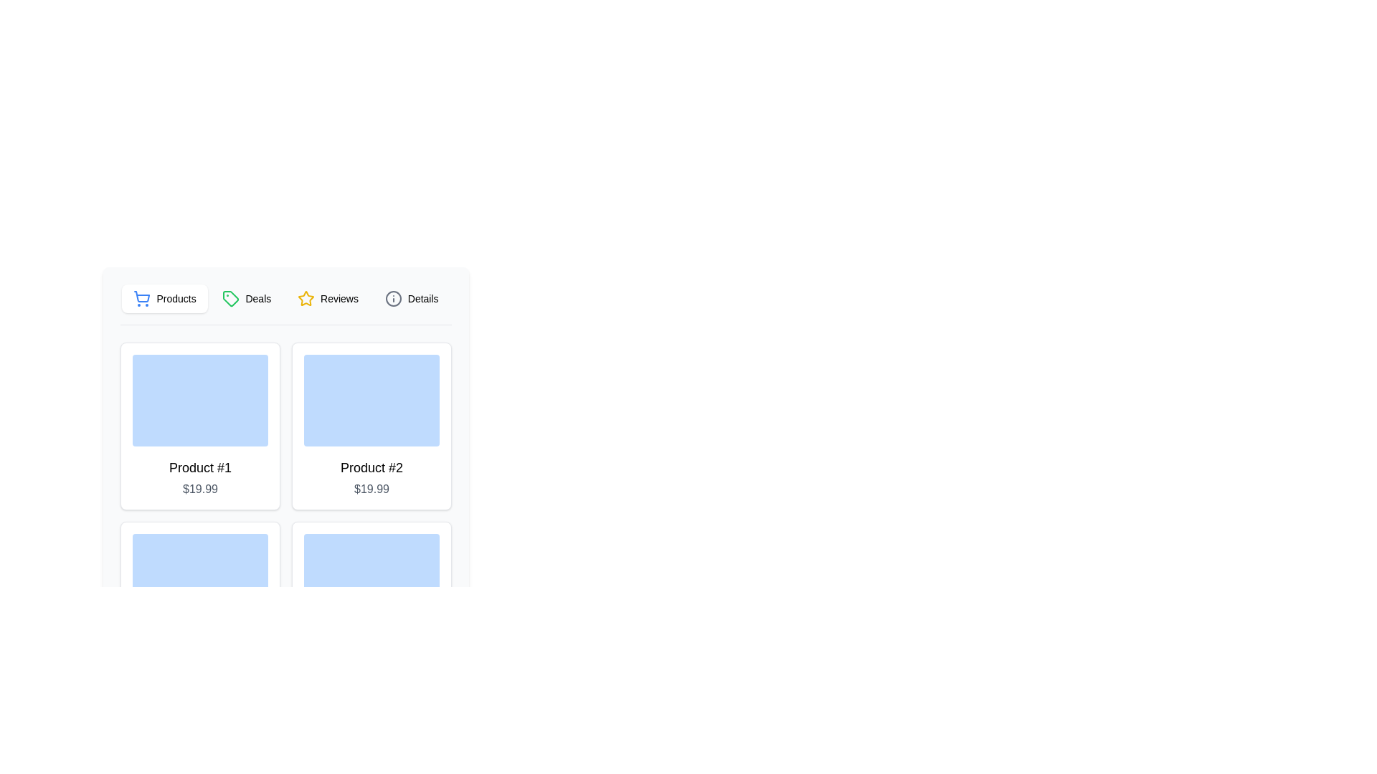 Image resolution: width=1377 pixels, height=774 pixels. I want to click on the fourth button in a horizontal group of buttons at the top section of the layout, so click(411, 297).